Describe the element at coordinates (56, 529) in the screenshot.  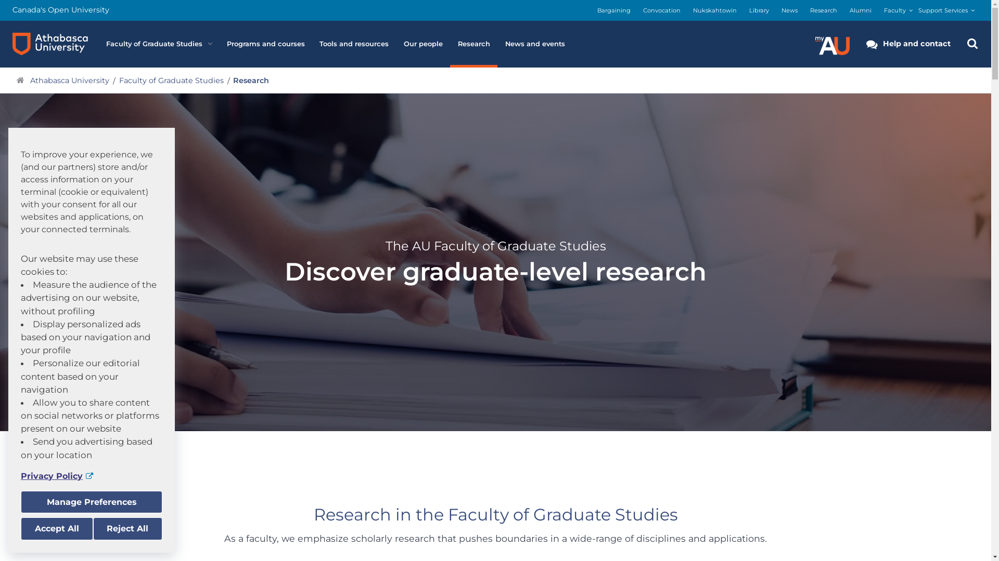
I see `'Accept All'` at that location.